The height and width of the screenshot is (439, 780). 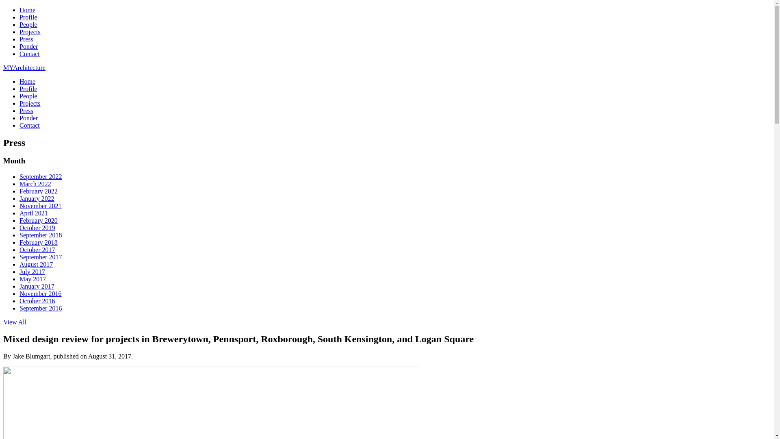 I want to click on 'Ponder', so click(x=28, y=46).